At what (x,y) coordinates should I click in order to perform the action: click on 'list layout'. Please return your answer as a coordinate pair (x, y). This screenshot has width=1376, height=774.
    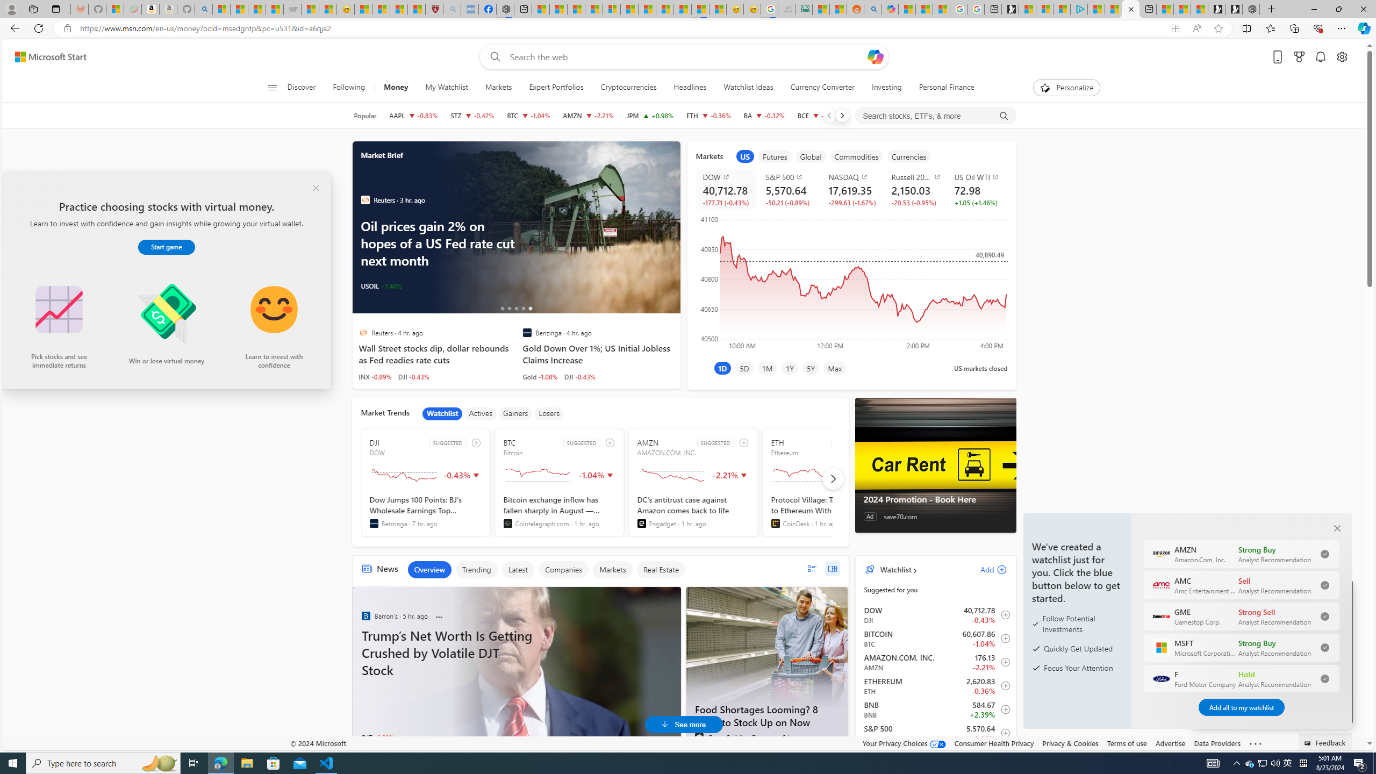
    Looking at the image, I should click on (811, 568).